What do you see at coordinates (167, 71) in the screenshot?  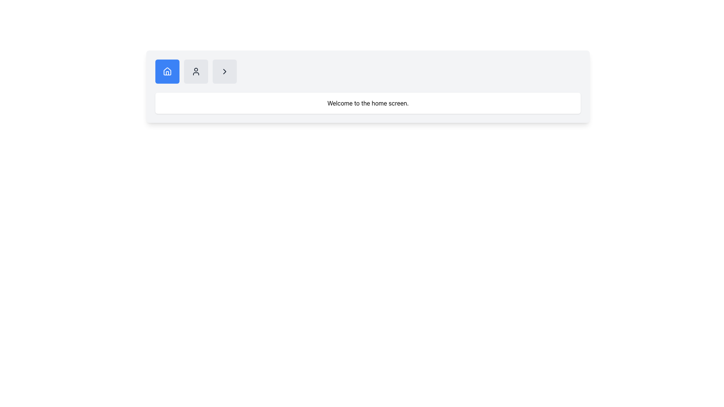 I see `the navigation button located in the top-left corner of the button group` at bounding box center [167, 71].